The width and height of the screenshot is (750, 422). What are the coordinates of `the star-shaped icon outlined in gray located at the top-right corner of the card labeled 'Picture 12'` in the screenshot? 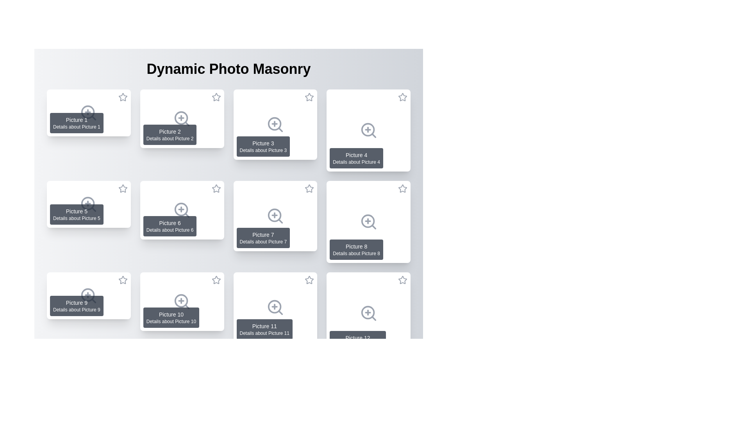 It's located at (402, 279).